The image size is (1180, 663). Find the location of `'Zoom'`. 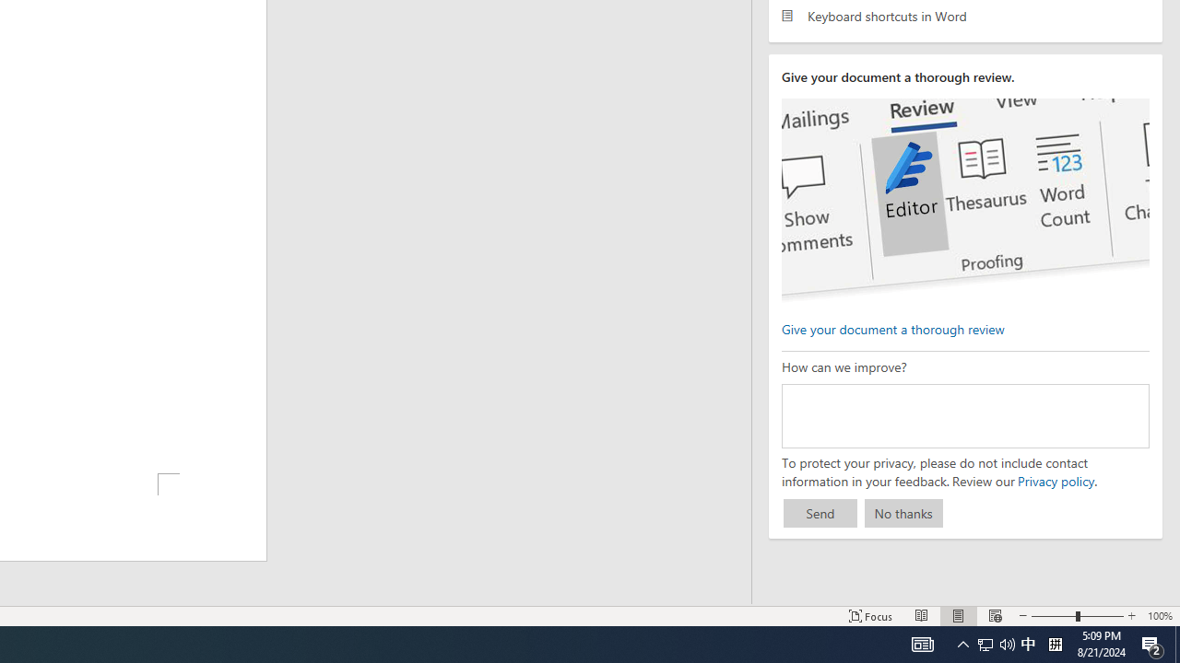

'Zoom' is located at coordinates (1077, 616).